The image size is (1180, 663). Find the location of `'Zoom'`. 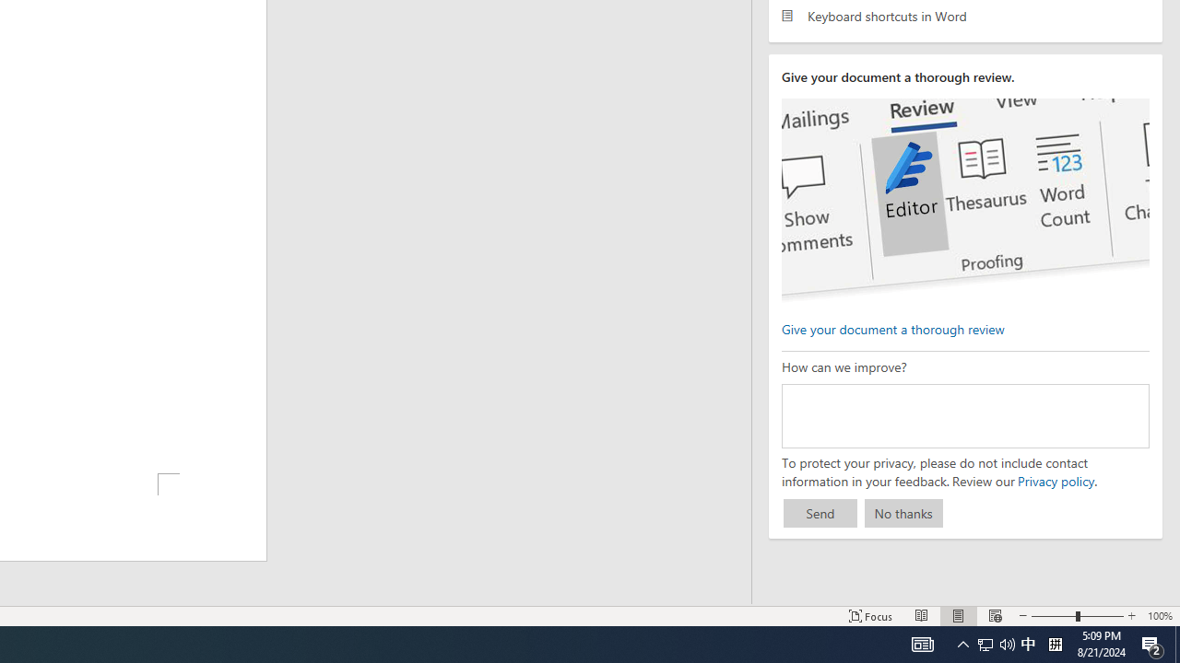

'Zoom' is located at coordinates (1077, 616).